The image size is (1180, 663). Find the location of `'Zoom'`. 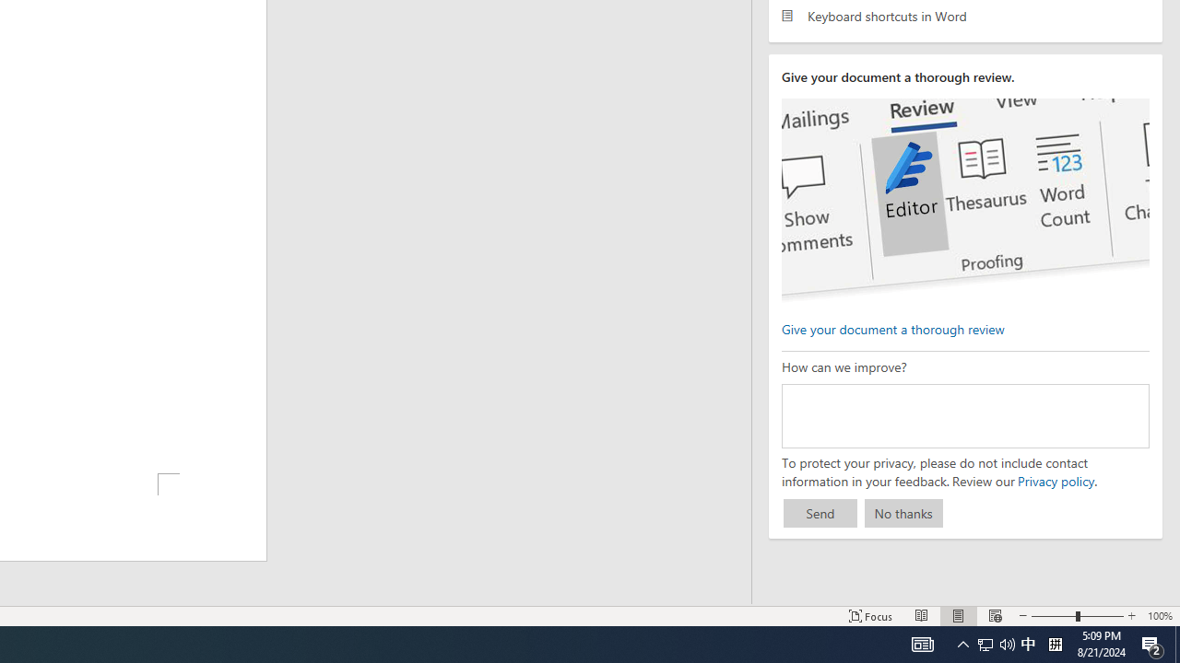

'Zoom' is located at coordinates (1077, 616).